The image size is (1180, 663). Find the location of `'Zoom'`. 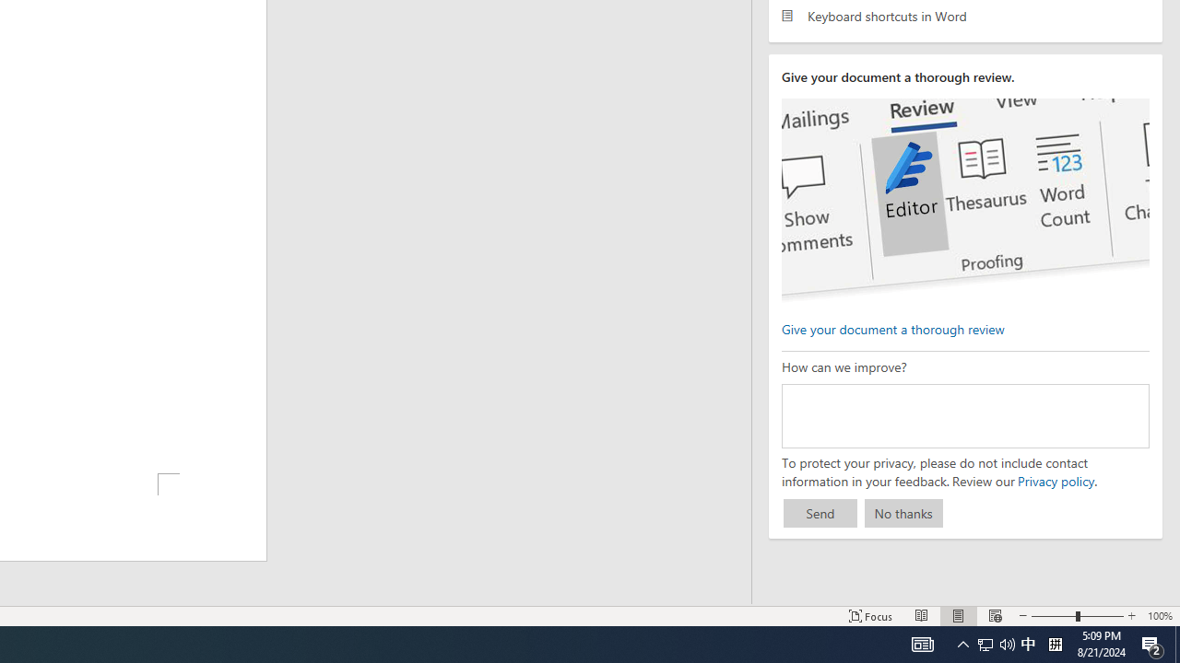

'Zoom' is located at coordinates (1077, 616).